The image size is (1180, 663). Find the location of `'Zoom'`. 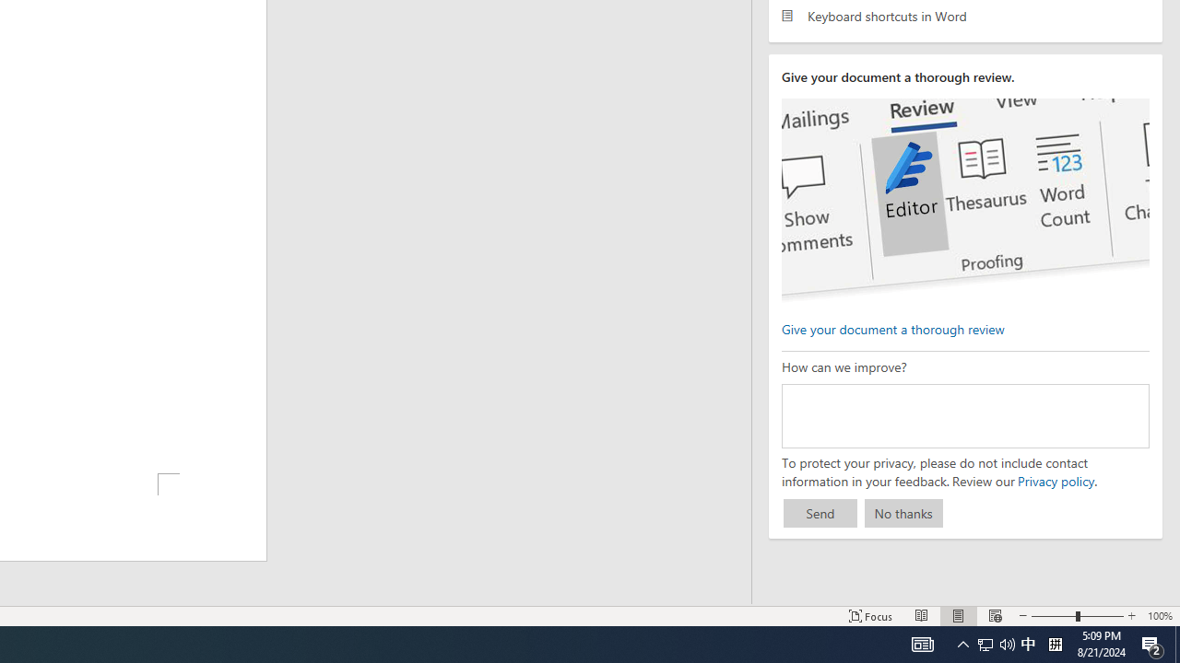

'Zoom' is located at coordinates (1077, 616).